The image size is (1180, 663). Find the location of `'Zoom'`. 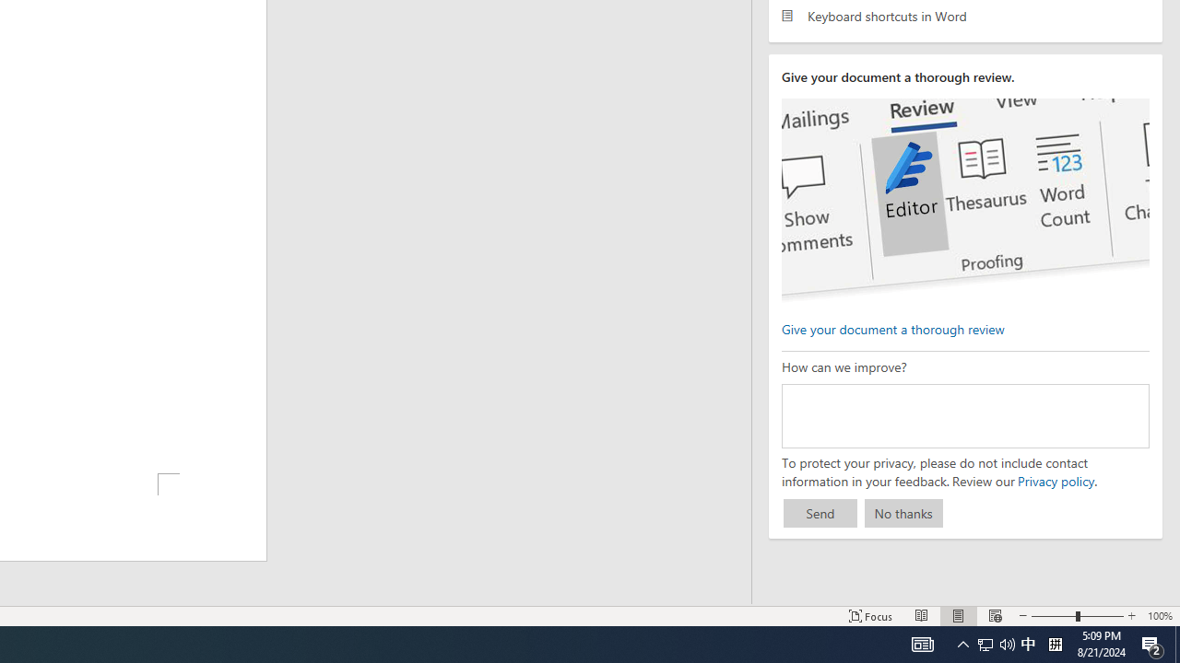

'Zoom' is located at coordinates (1077, 616).